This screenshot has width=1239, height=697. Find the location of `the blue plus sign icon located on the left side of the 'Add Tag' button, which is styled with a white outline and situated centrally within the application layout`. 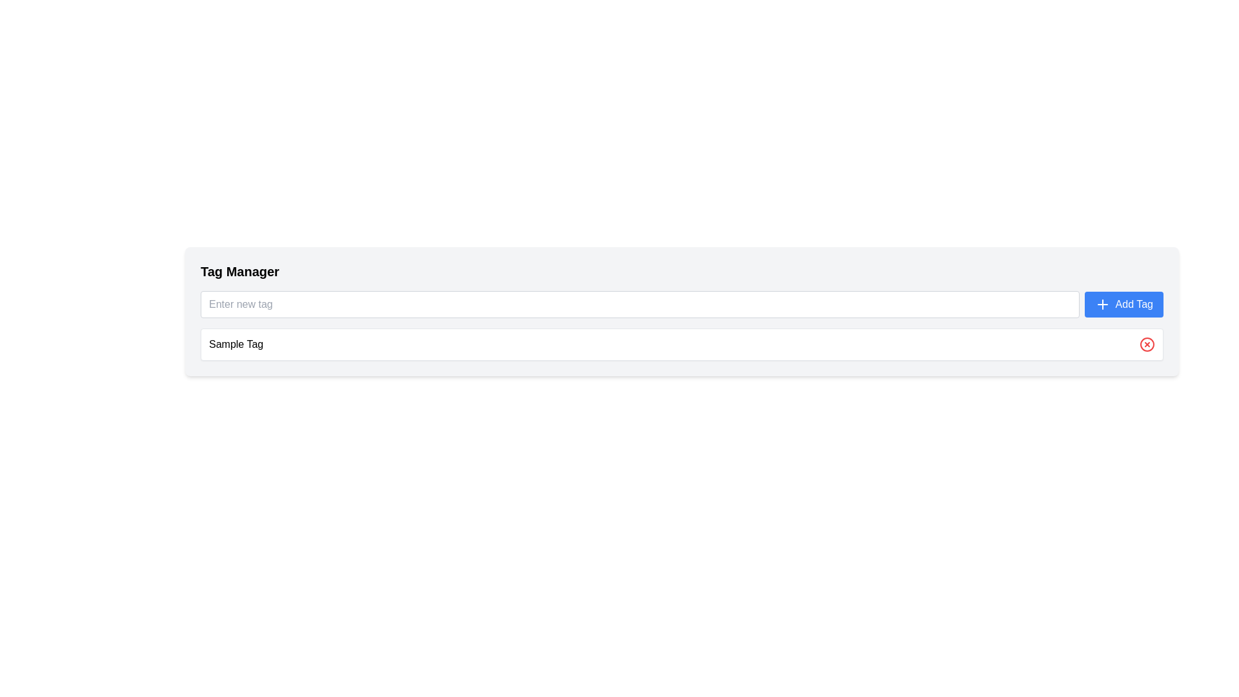

the blue plus sign icon located on the left side of the 'Add Tag' button, which is styled with a white outline and situated centrally within the application layout is located at coordinates (1102, 304).